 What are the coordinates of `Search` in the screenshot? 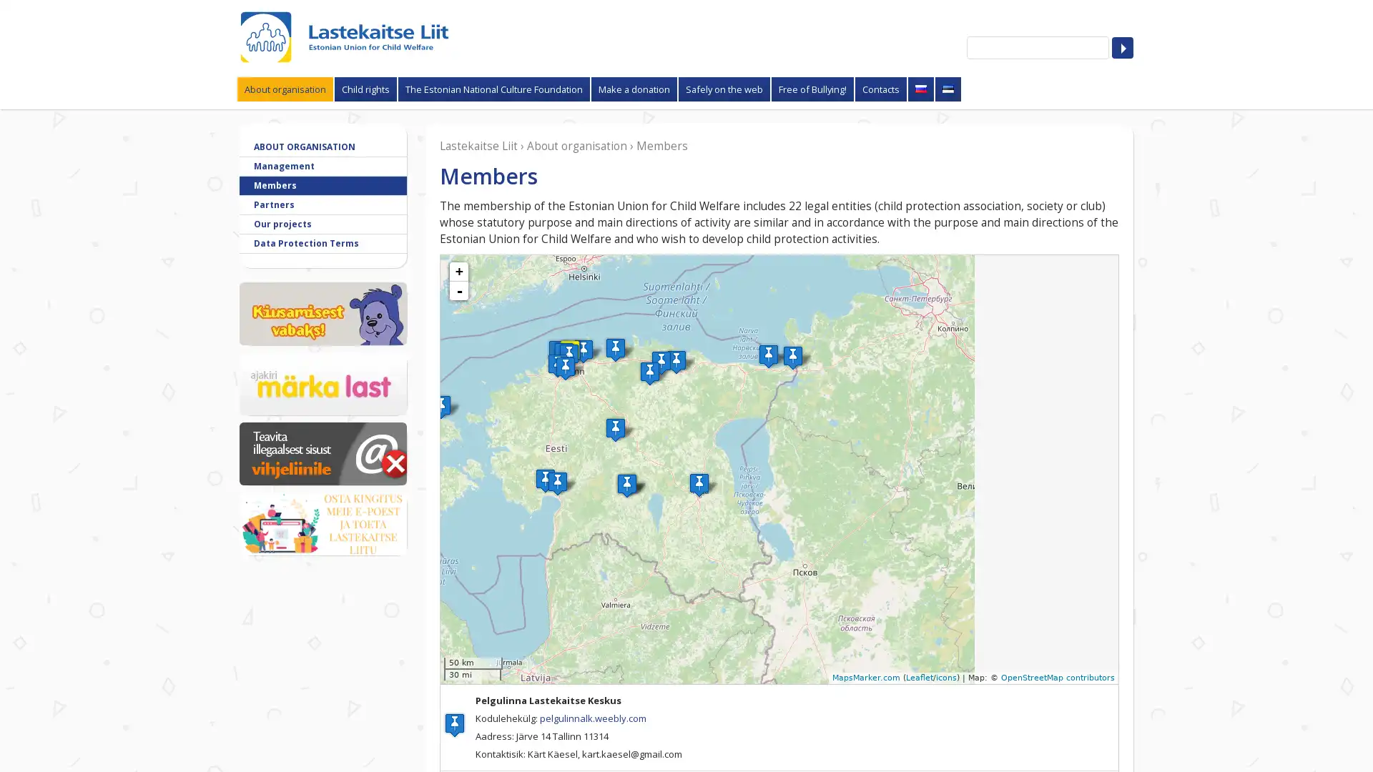 It's located at (1121, 46).